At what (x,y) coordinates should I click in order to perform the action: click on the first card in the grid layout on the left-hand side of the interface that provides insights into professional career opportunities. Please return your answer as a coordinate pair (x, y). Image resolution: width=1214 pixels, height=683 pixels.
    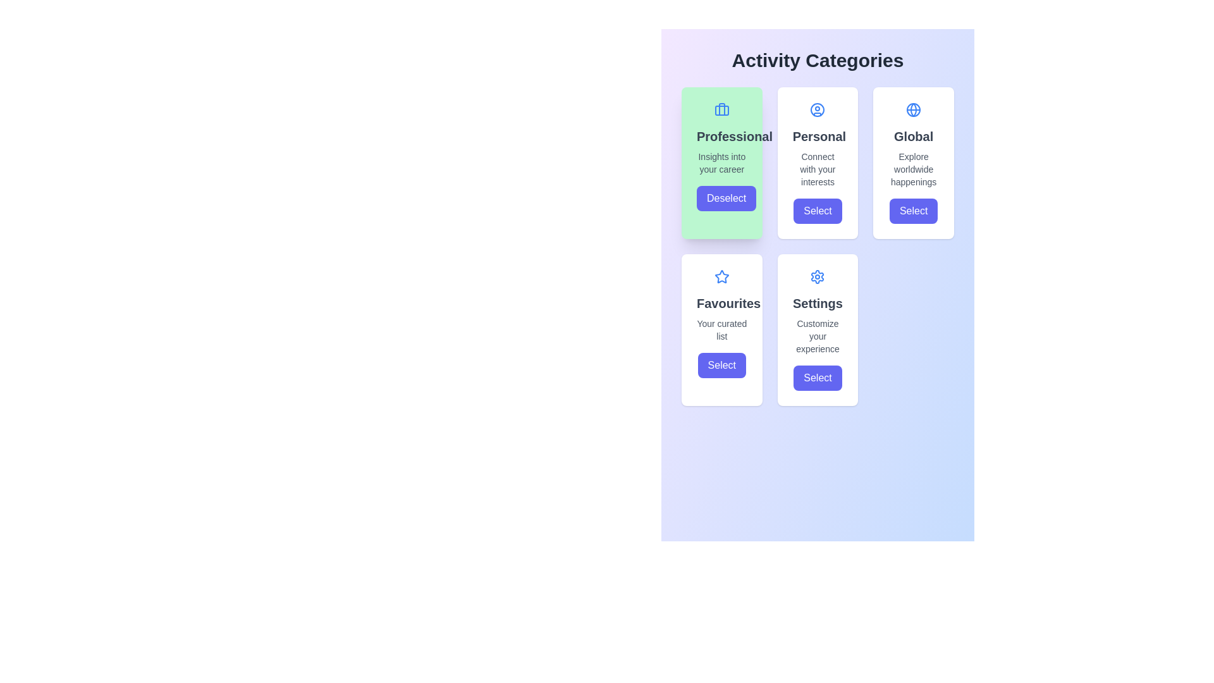
    Looking at the image, I should click on (721, 163).